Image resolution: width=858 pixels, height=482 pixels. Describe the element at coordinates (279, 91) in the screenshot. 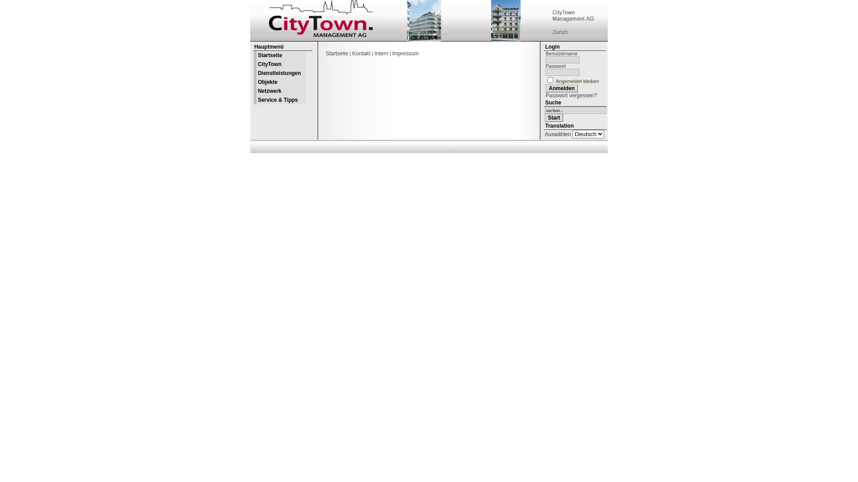

I see `'Netzwerk'` at that location.